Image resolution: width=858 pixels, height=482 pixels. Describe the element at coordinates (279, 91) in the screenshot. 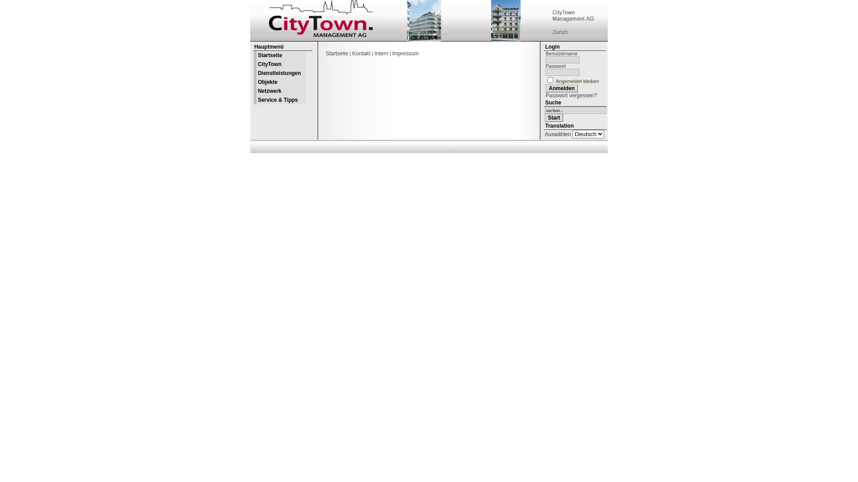

I see `'Netzwerk'` at that location.